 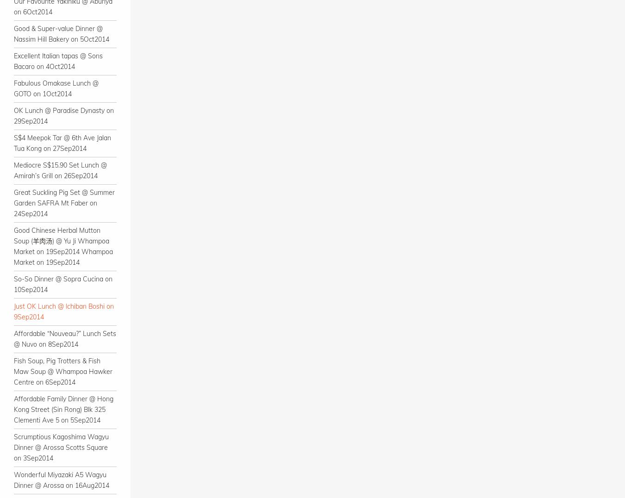 I want to click on 'Good & Super-value Dinner @ Nassim Hill Bakery on 5Oct2014', so click(x=61, y=34).